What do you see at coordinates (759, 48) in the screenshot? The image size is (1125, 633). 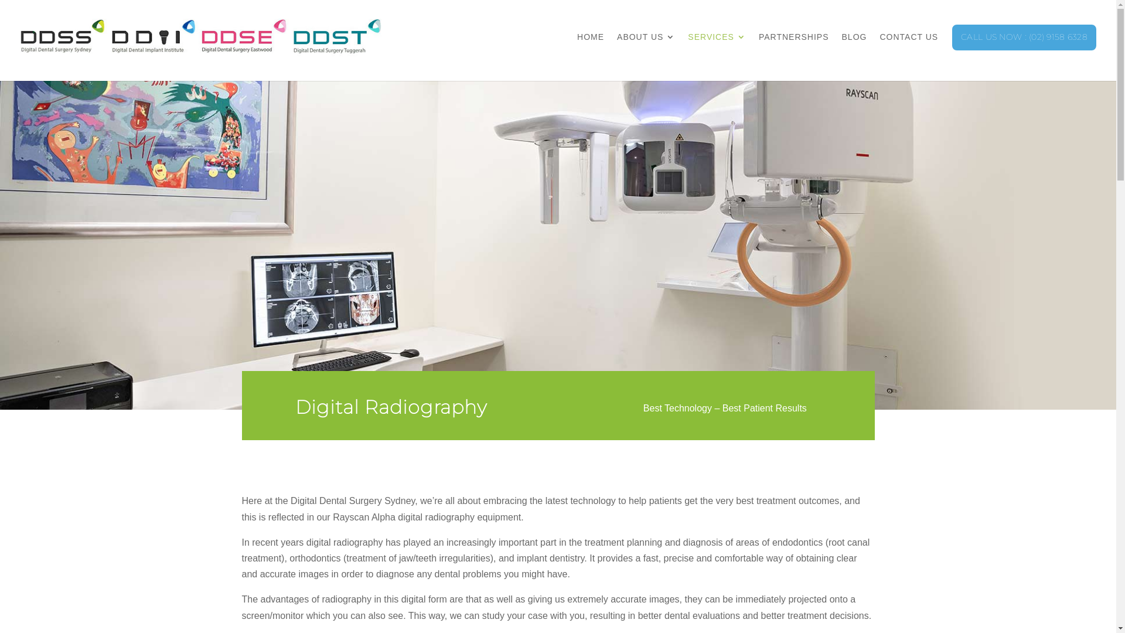 I see `'PARTNERSHIPS'` at bounding box center [759, 48].